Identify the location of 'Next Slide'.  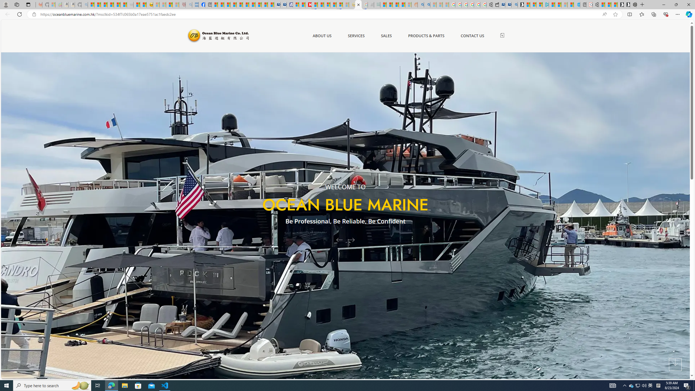
(353, 239).